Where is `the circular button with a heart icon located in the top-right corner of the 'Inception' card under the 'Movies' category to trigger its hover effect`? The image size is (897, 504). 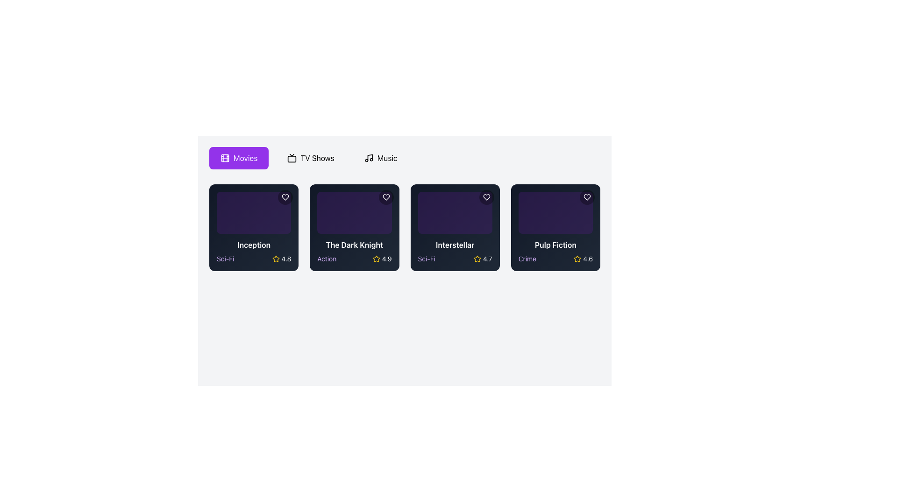 the circular button with a heart icon located in the top-right corner of the 'Inception' card under the 'Movies' category to trigger its hover effect is located at coordinates (285, 197).